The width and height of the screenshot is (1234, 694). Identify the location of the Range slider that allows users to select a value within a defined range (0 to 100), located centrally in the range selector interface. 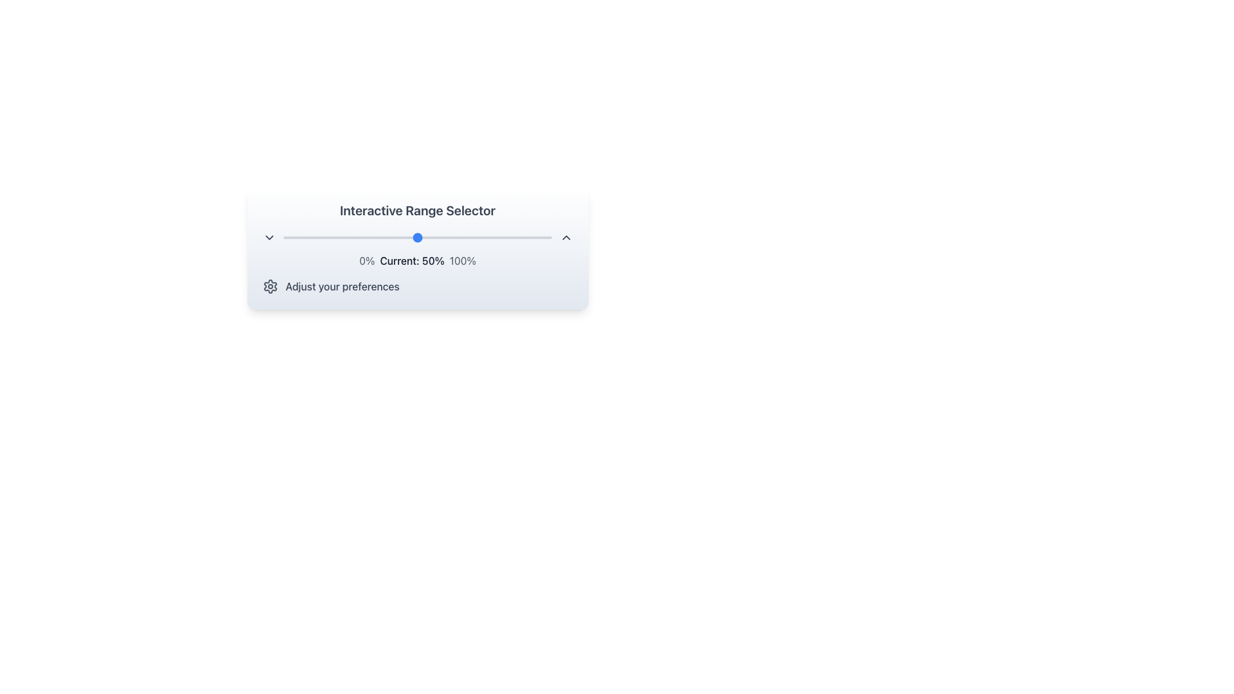
(417, 238).